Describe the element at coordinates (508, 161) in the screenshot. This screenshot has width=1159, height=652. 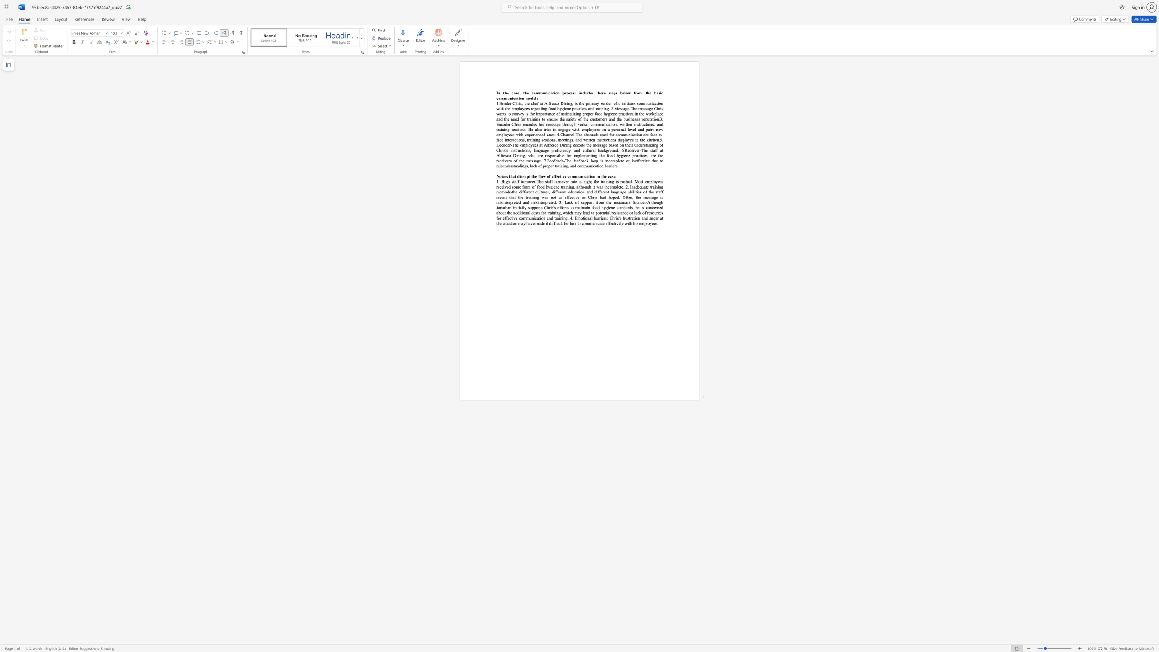
I see `the 4th character "r" in the text` at that location.